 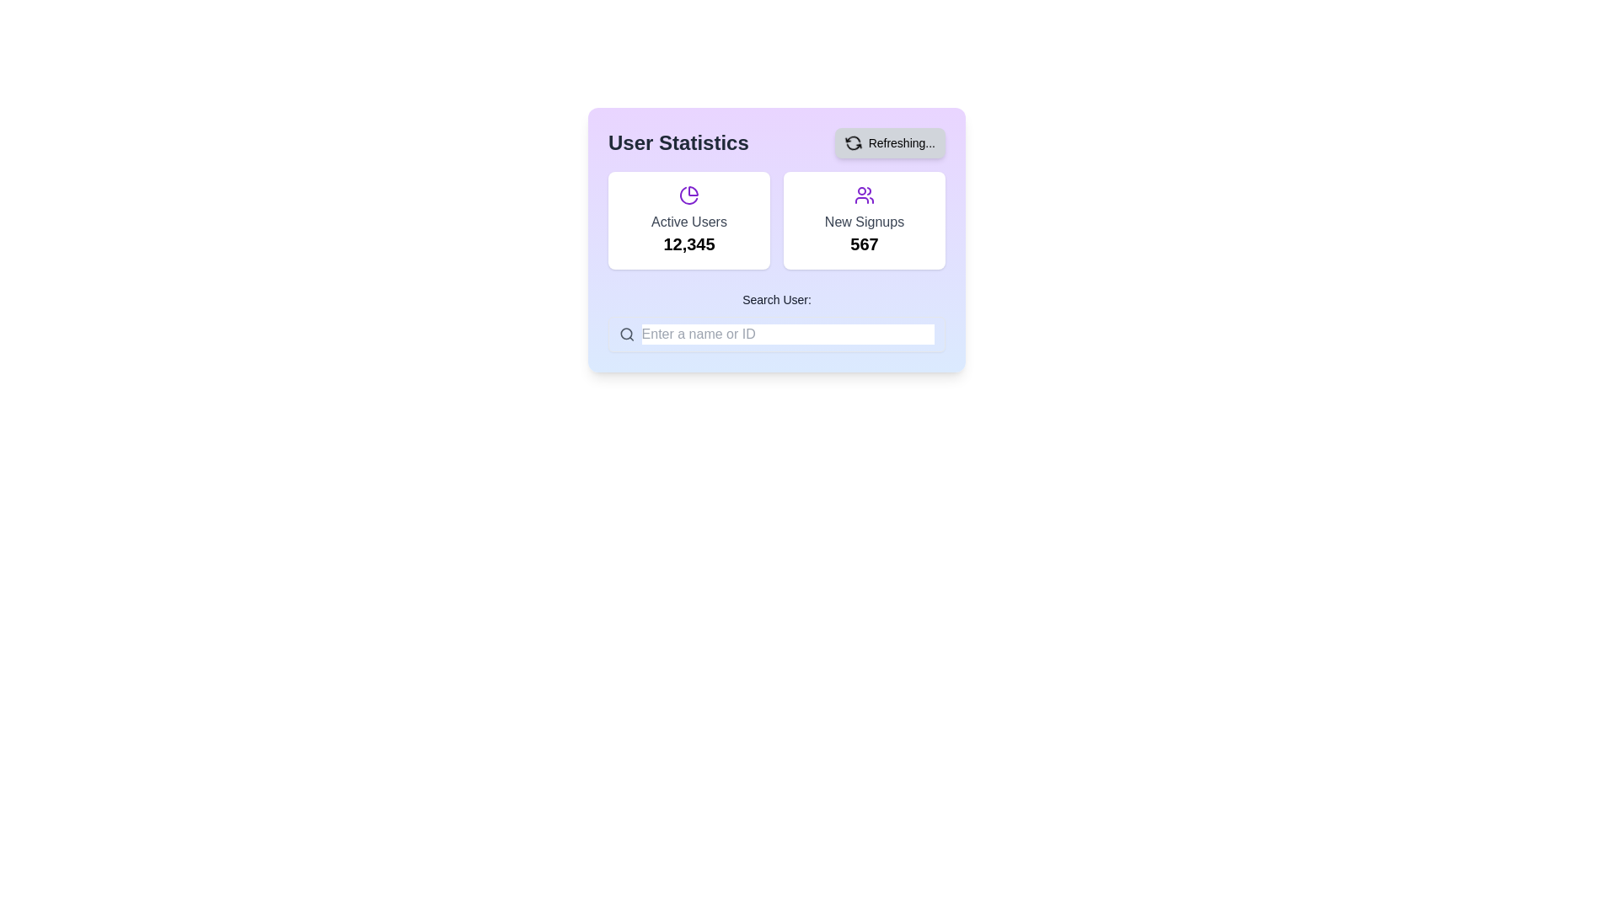 I want to click on the label describing the metric for 'New Signups 567', which is positioned centrally above the bold number '567' and below the user icon, so click(x=865, y=221).